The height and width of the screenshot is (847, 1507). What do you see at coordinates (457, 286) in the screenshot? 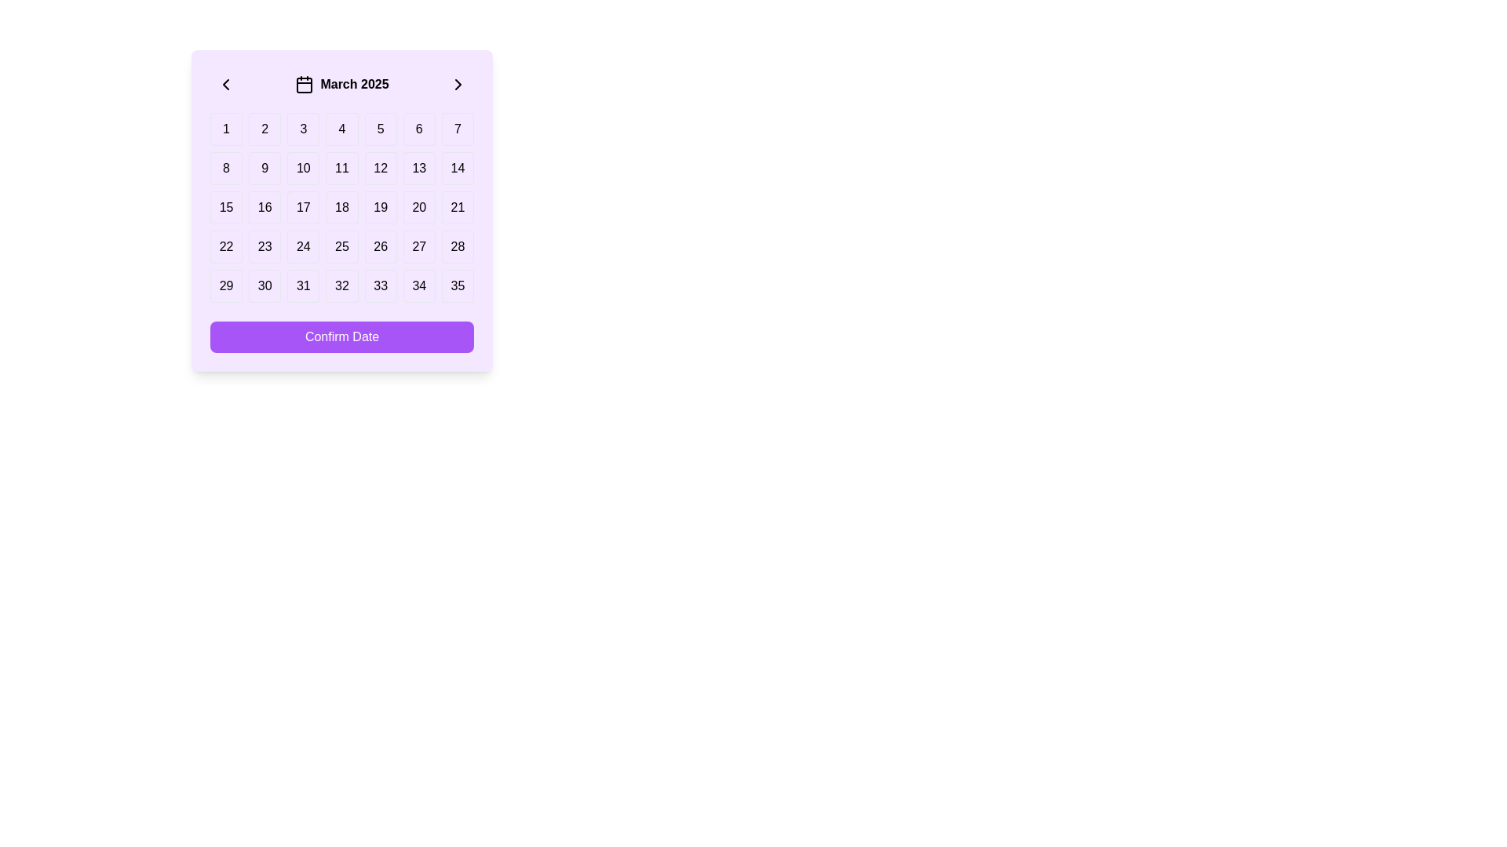
I see `the button representing the 35th day in the calendar grid` at bounding box center [457, 286].